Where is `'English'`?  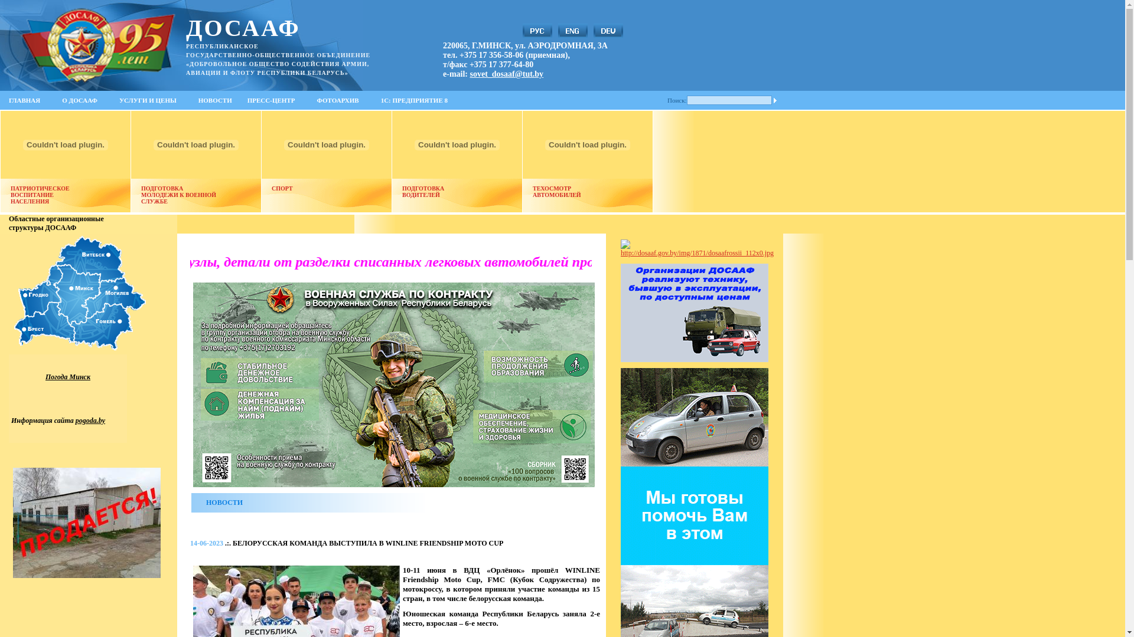 'English' is located at coordinates (572, 30).